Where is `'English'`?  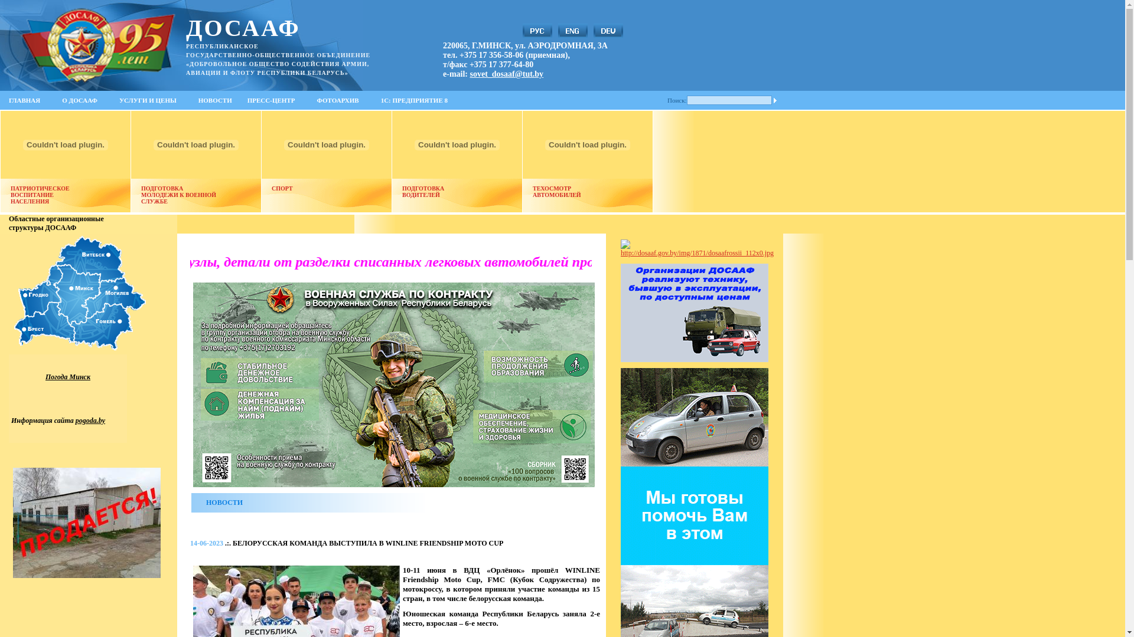 'English' is located at coordinates (572, 30).